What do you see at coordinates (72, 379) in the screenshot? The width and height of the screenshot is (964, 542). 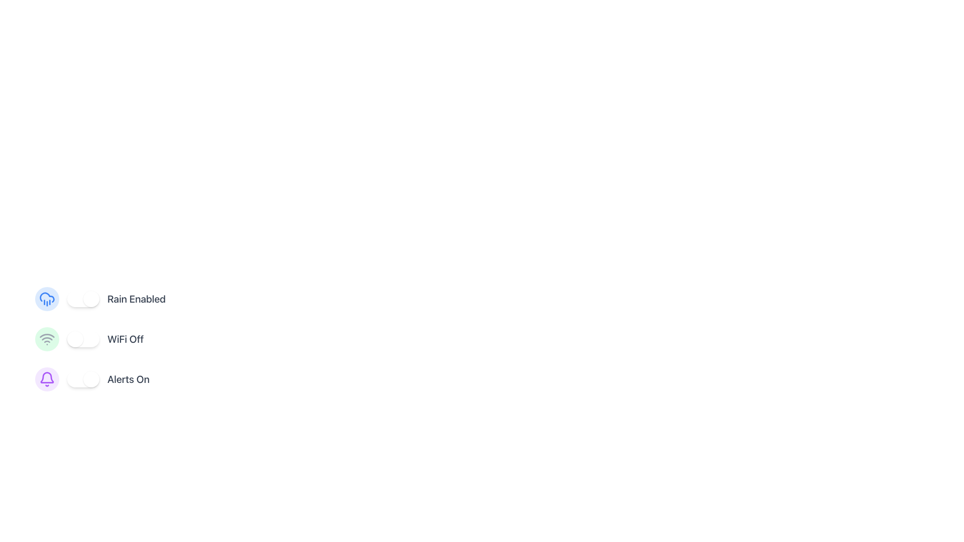 I see `the toggle switch` at bounding box center [72, 379].